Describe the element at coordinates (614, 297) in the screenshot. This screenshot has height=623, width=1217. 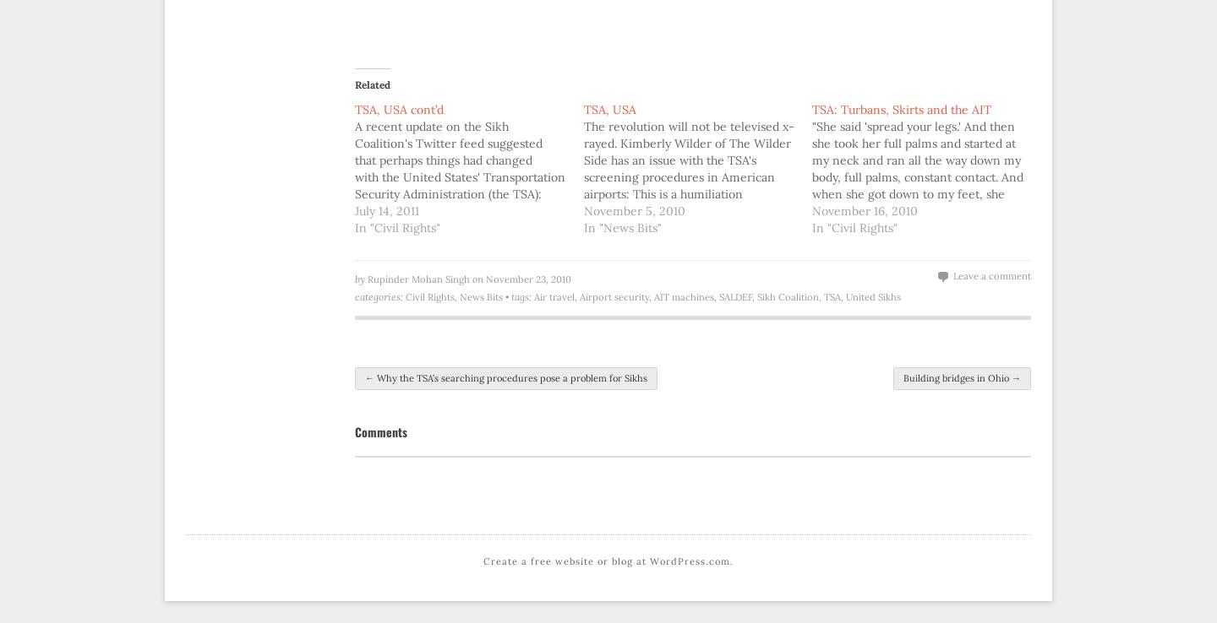
I see `'Airport security'` at that location.